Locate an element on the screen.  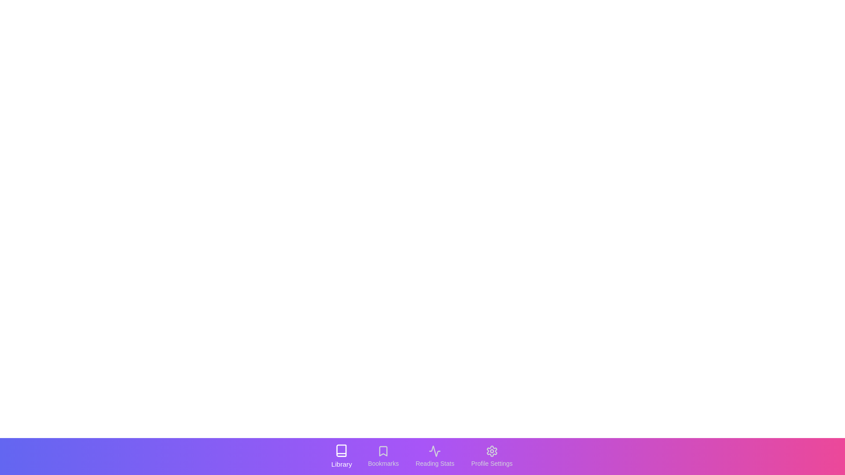
the navigation tab Bookmarks is located at coordinates (383, 456).